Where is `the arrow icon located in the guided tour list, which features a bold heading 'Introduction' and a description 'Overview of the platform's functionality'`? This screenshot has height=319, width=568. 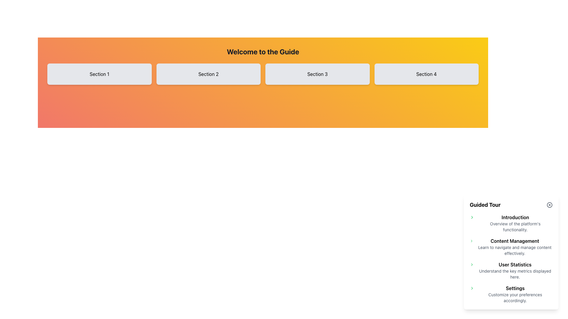
the arrow icon located in the guided tour list, which features a bold heading 'Introduction' and a description 'Overview of the platform's functionality' is located at coordinates (511, 223).